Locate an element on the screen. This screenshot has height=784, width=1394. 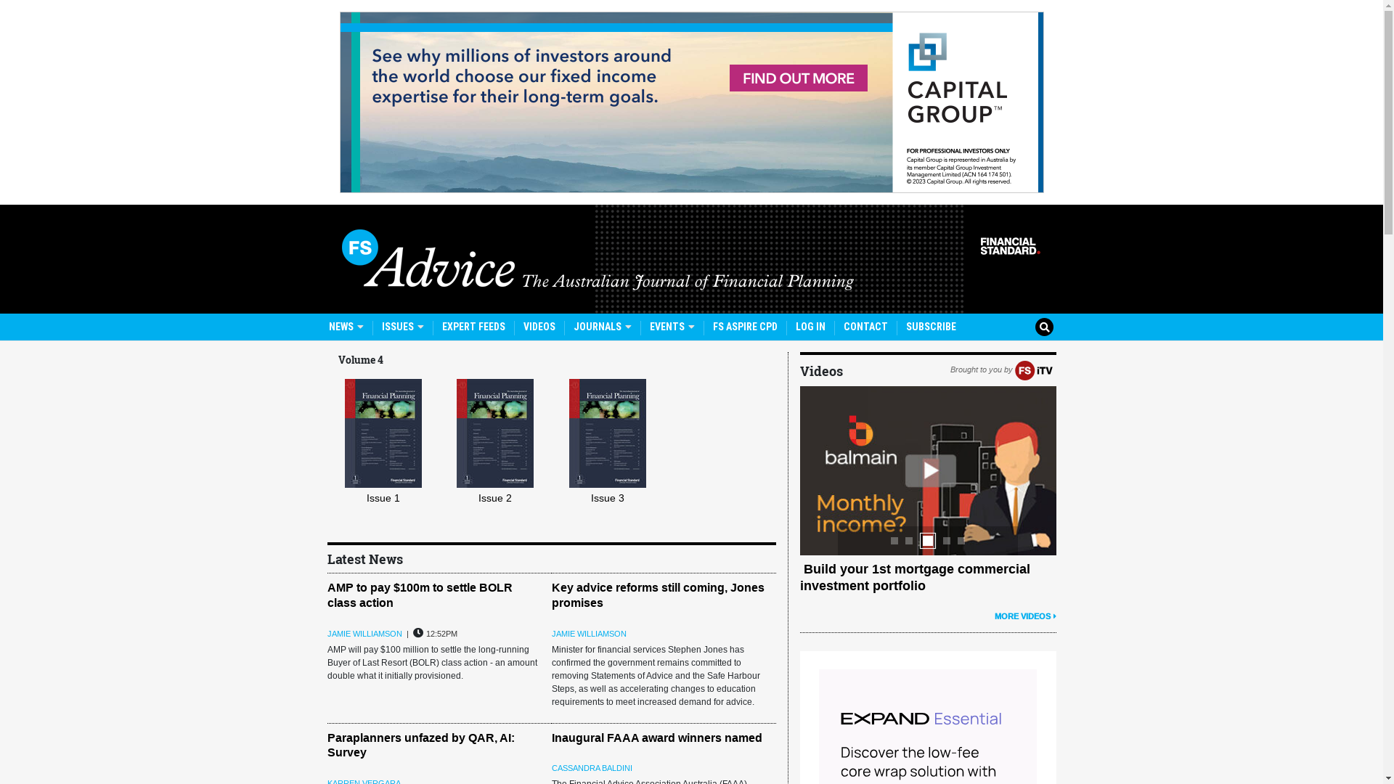
'MORE VIDEOS' is located at coordinates (1024, 616).